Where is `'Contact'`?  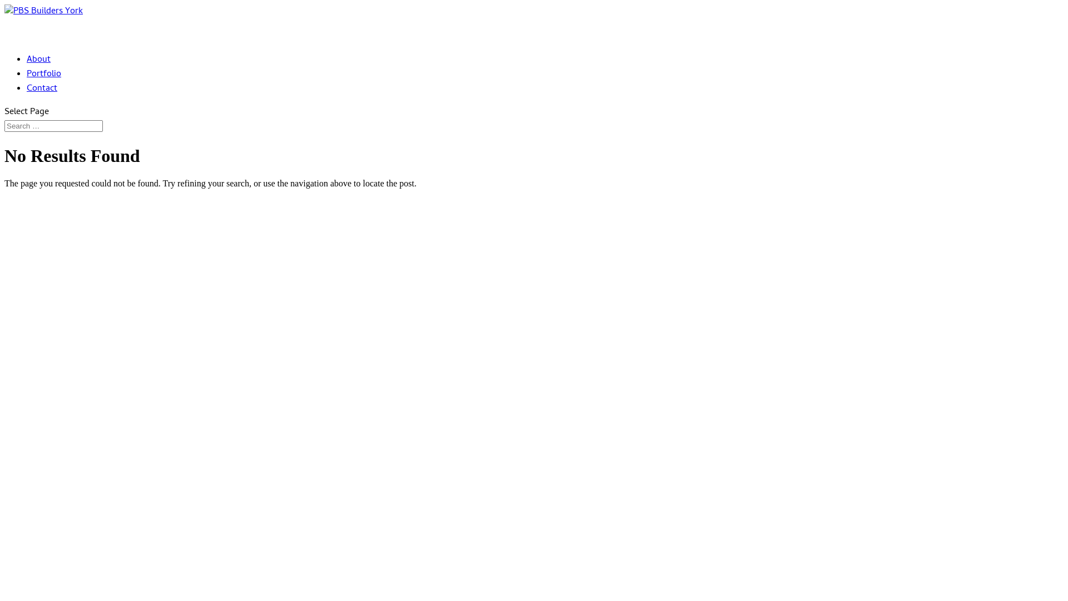 'Contact' is located at coordinates (42, 101).